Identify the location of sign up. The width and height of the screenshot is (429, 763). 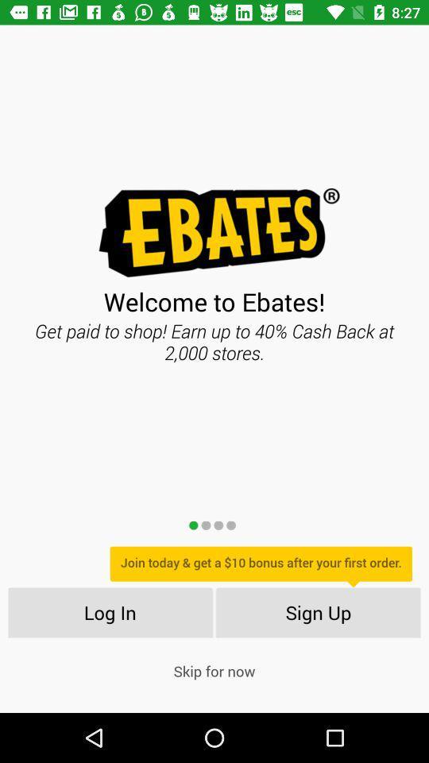
(319, 611).